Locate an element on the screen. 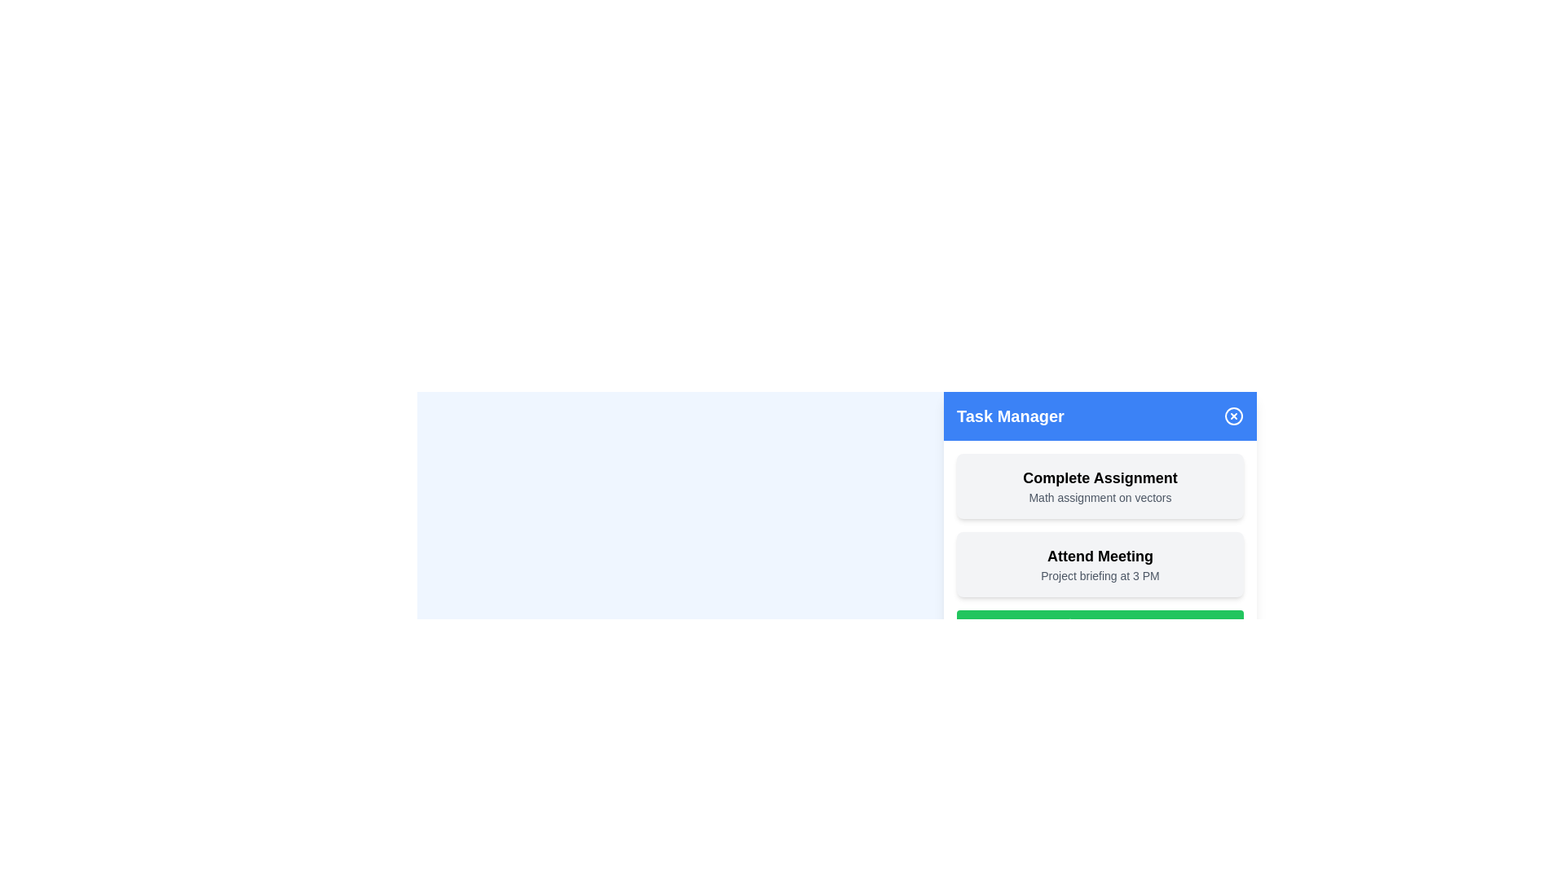 The height and width of the screenshot is (880, 1565). the circular component used for closing or dismissing the Task Manager module, located at the top-right corner of the Task Manager header section is located at coordinates (1233, 415).